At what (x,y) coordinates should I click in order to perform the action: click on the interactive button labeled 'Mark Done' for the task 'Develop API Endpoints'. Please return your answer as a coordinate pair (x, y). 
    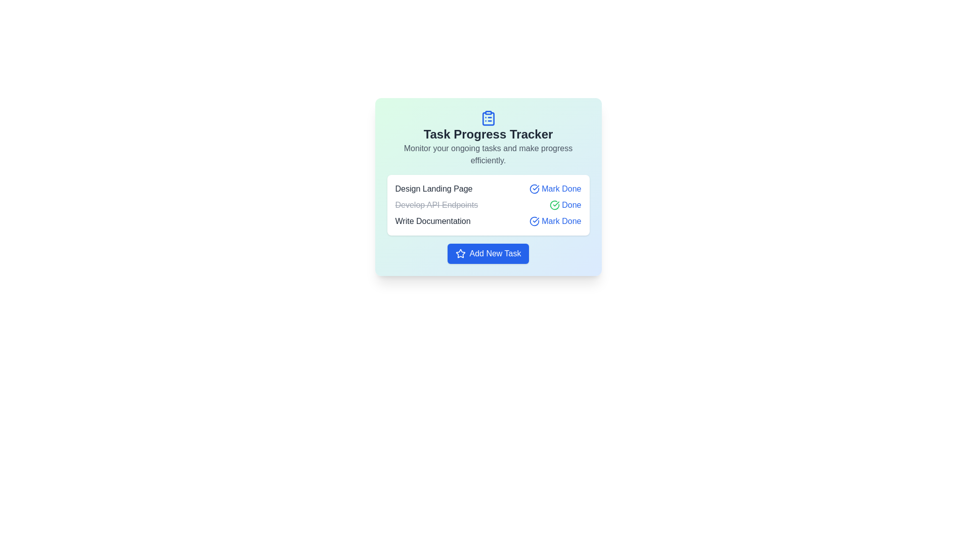
    Looking at the image, I should click on (565, 205).